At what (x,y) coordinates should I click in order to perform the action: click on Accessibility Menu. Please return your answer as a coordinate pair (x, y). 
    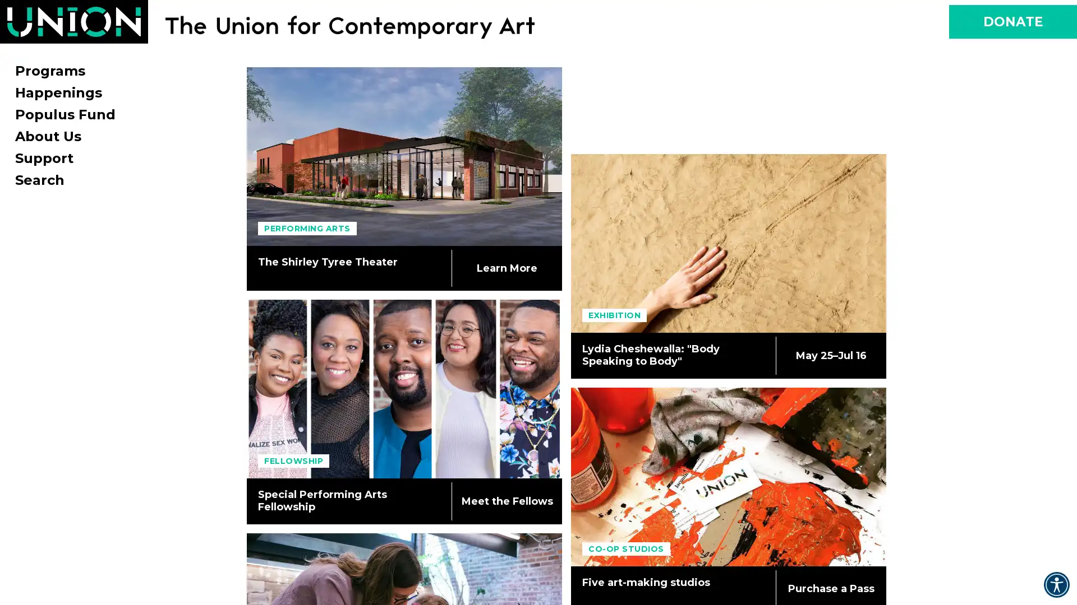
    Looking at the image, I should click on (1056, 584).